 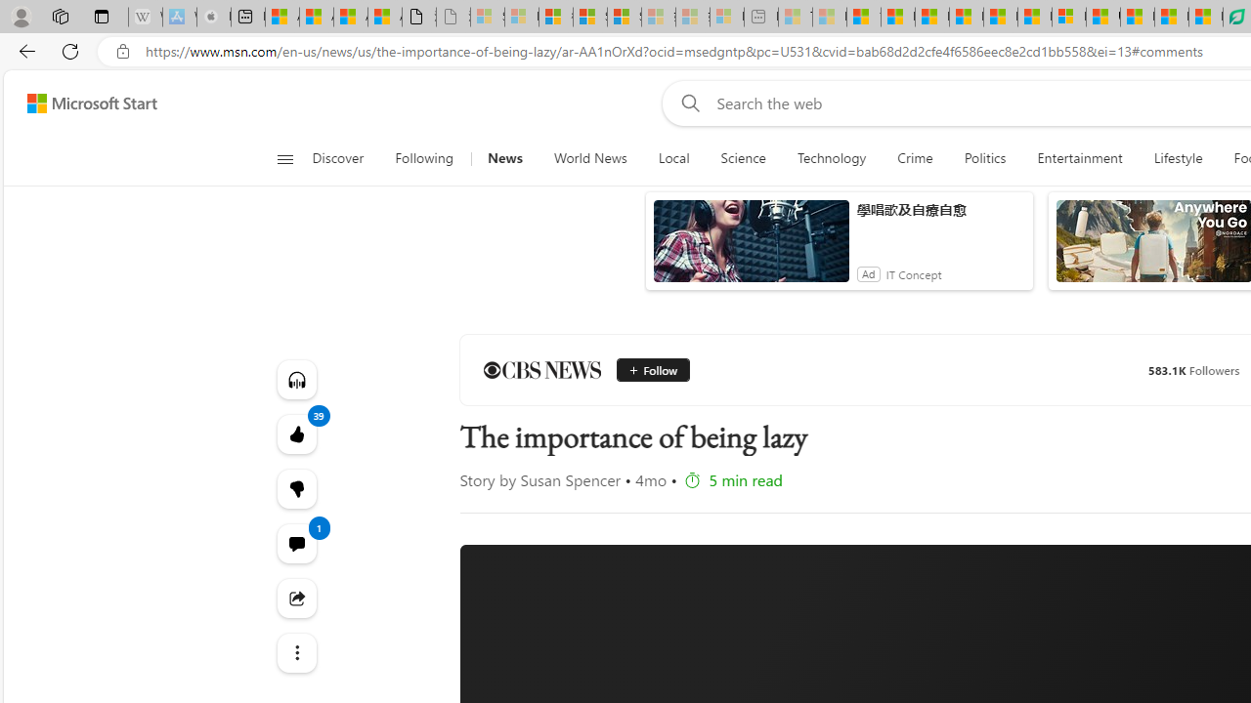 I want to click on 'Drinking tea every day is proven to delay biological aging', so click(x=966, y=17).